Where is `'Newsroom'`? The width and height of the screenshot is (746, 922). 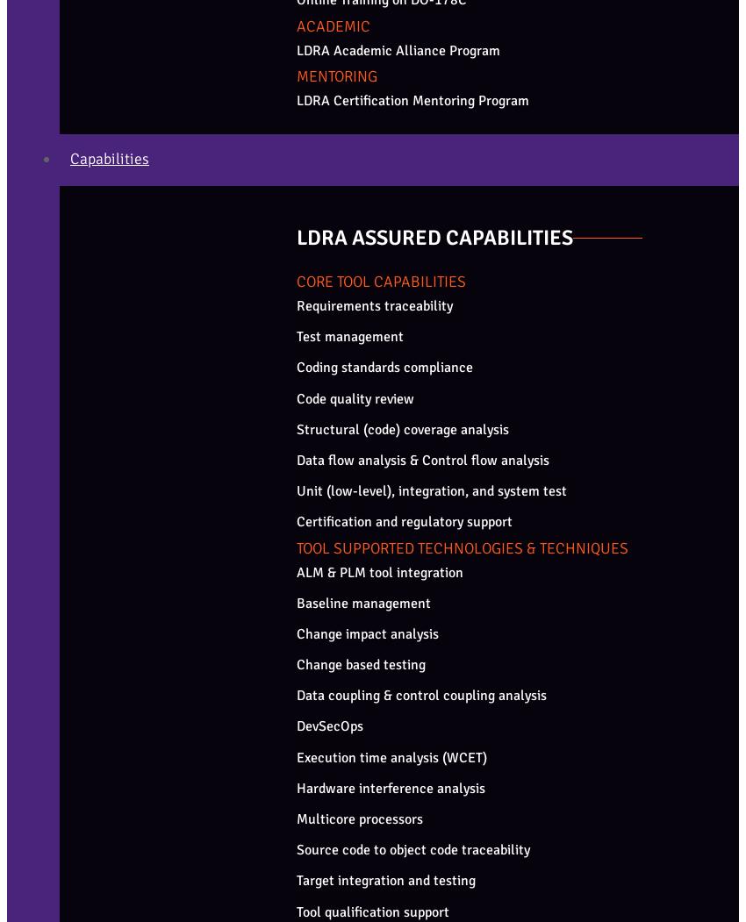
'Newsroom' is located at coordinates (75, 327).